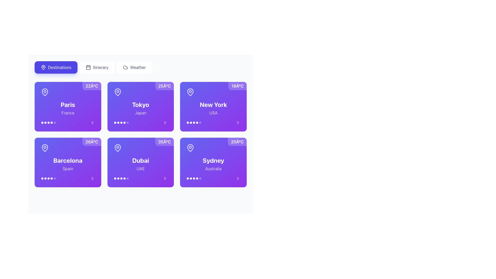 The width and height of the screenshot is (496, 279). I want to click on the static text label displaying the temperature for the 'Tokyo' card, located in the upper-right corner of the card, so click(164, 86).